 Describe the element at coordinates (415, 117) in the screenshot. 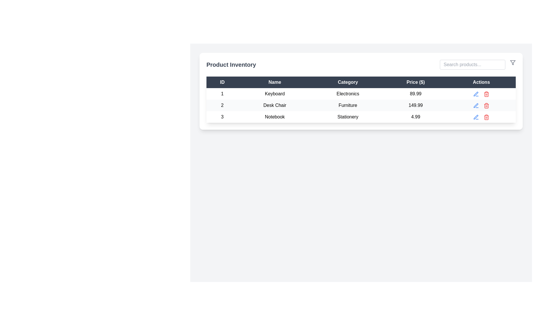

I see `the Static Text displaying the price '4.99' for the entry 'Notebook' in the fourth column labeled 'Price ($)' of the table` at that location.